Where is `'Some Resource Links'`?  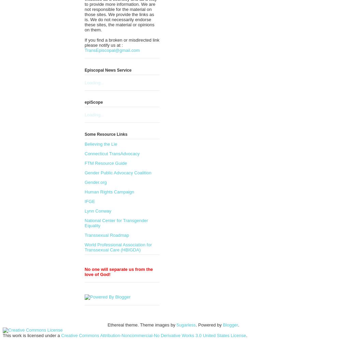
'Some Resource Links' is located at coordinates (106, 134).